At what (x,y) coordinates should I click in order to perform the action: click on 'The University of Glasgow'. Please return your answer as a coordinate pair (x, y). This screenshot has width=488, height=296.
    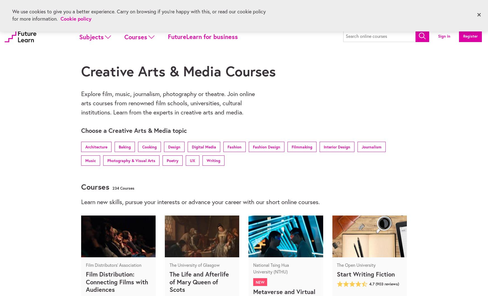
    Looking at the image, I should click on (194, 265).